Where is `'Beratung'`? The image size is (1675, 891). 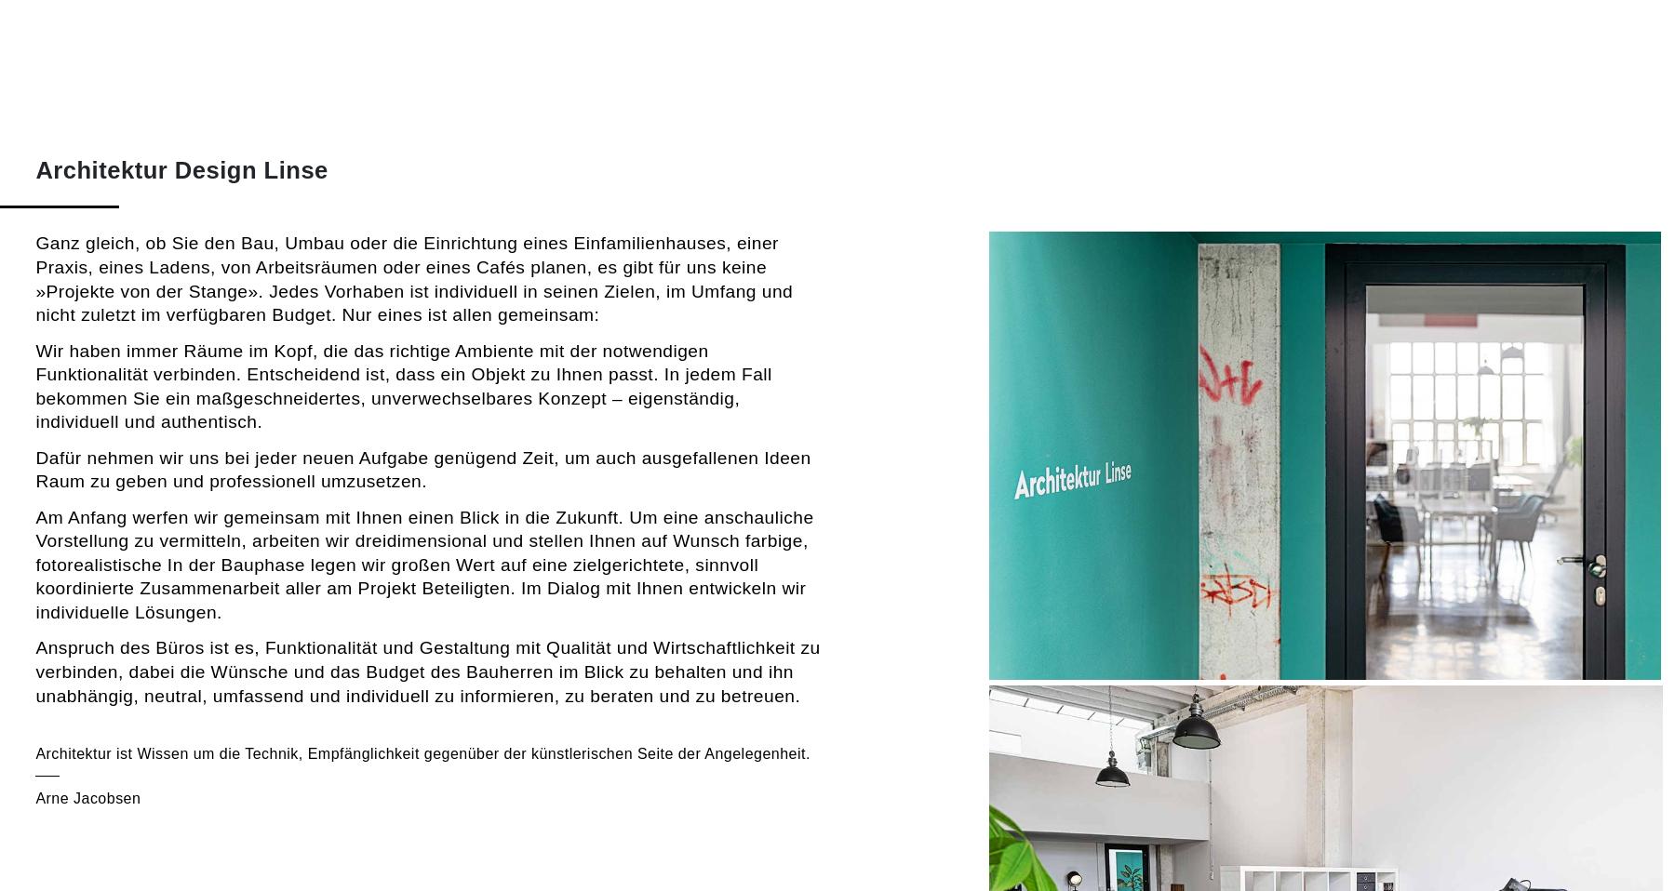
'Beratung' is located at coordinates (1192, 73).